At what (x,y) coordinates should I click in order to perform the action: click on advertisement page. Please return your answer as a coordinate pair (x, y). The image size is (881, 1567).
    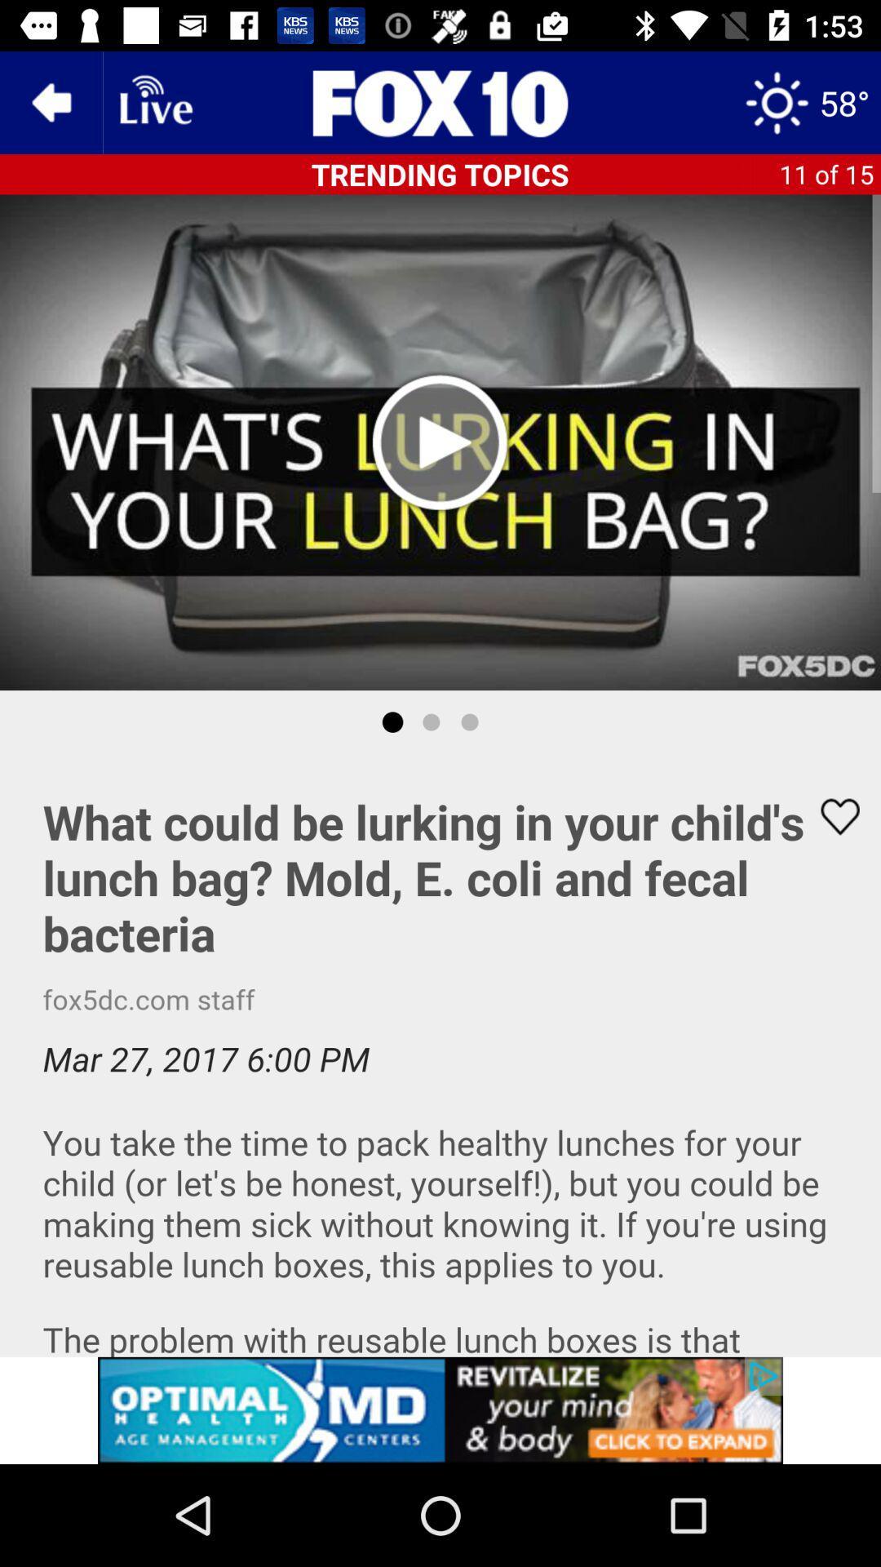
    Looking at the image, I should click on (440, 101).